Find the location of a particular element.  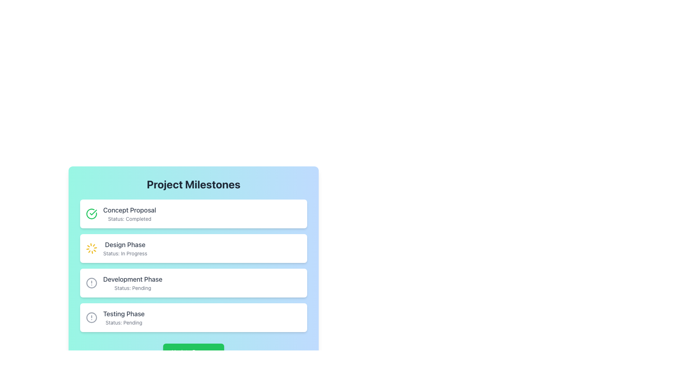

text label that serves as the title for the 'Development Phase' milestone, located above the 'Status: Pending' text and to the right of the circular icon with an exclamation mark is located at coordinates (133, 279).